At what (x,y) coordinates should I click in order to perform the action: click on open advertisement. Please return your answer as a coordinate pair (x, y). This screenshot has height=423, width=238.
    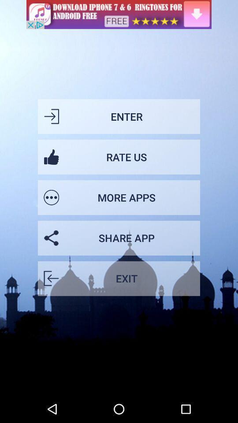
    Looking at the image, I should click on (119, 14).